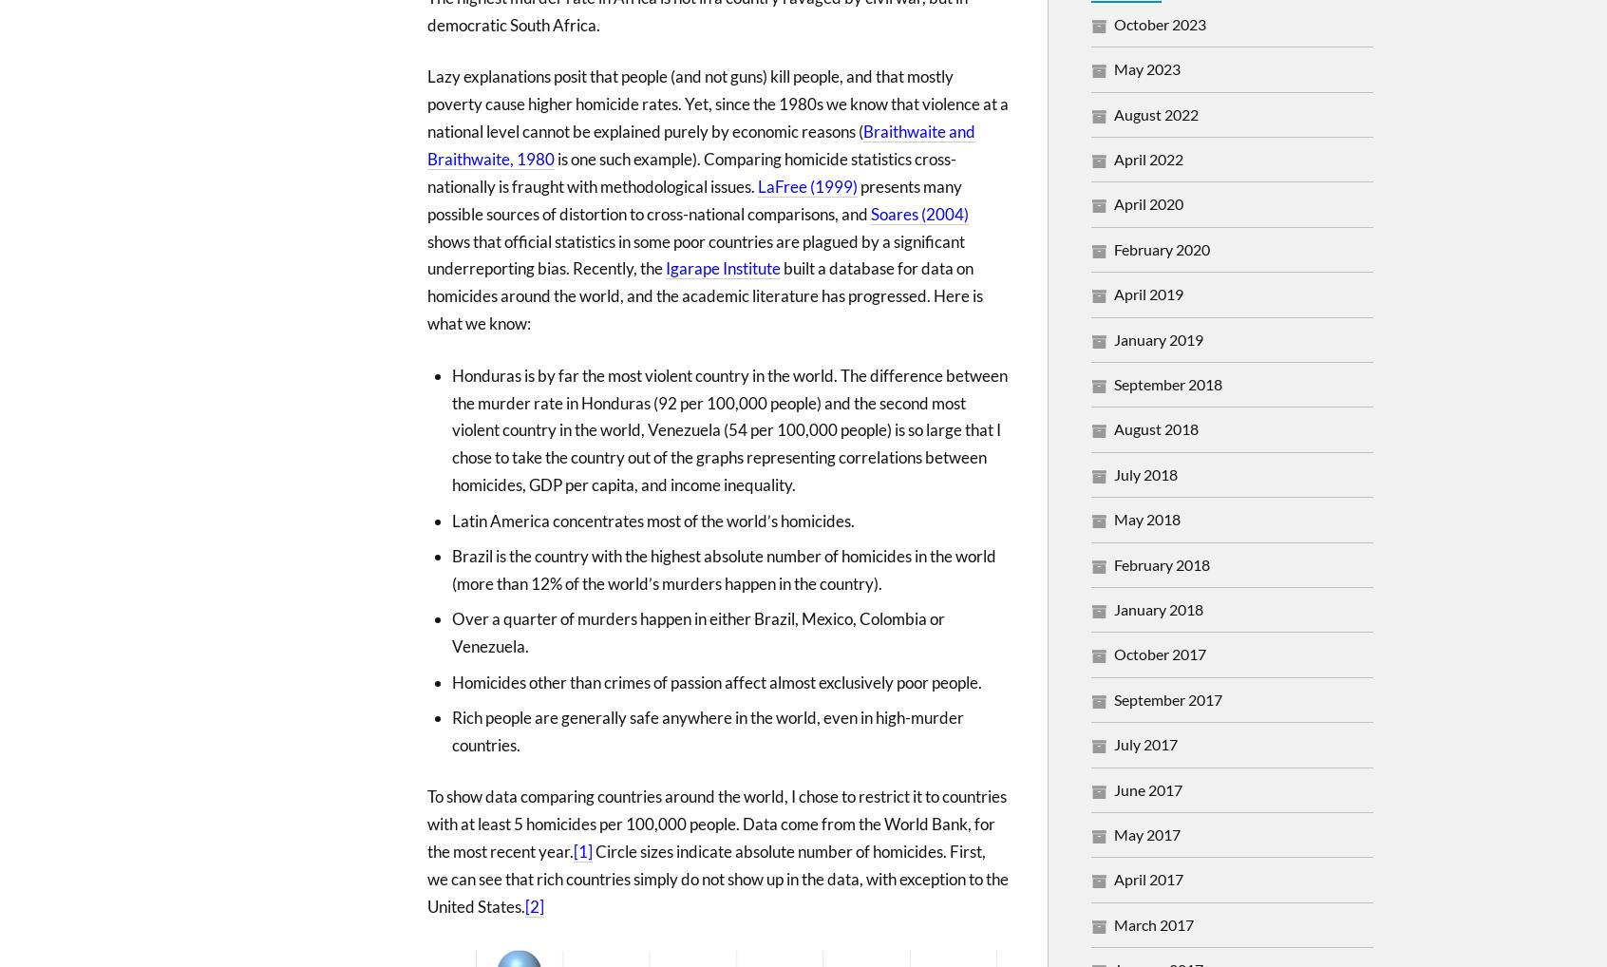 The height and width of the screenshot is (967, 1607). What do you see at coordinates (1148, 293) in the screenshot?
I see `'April 2019'` at bounding box center [1148, 293].